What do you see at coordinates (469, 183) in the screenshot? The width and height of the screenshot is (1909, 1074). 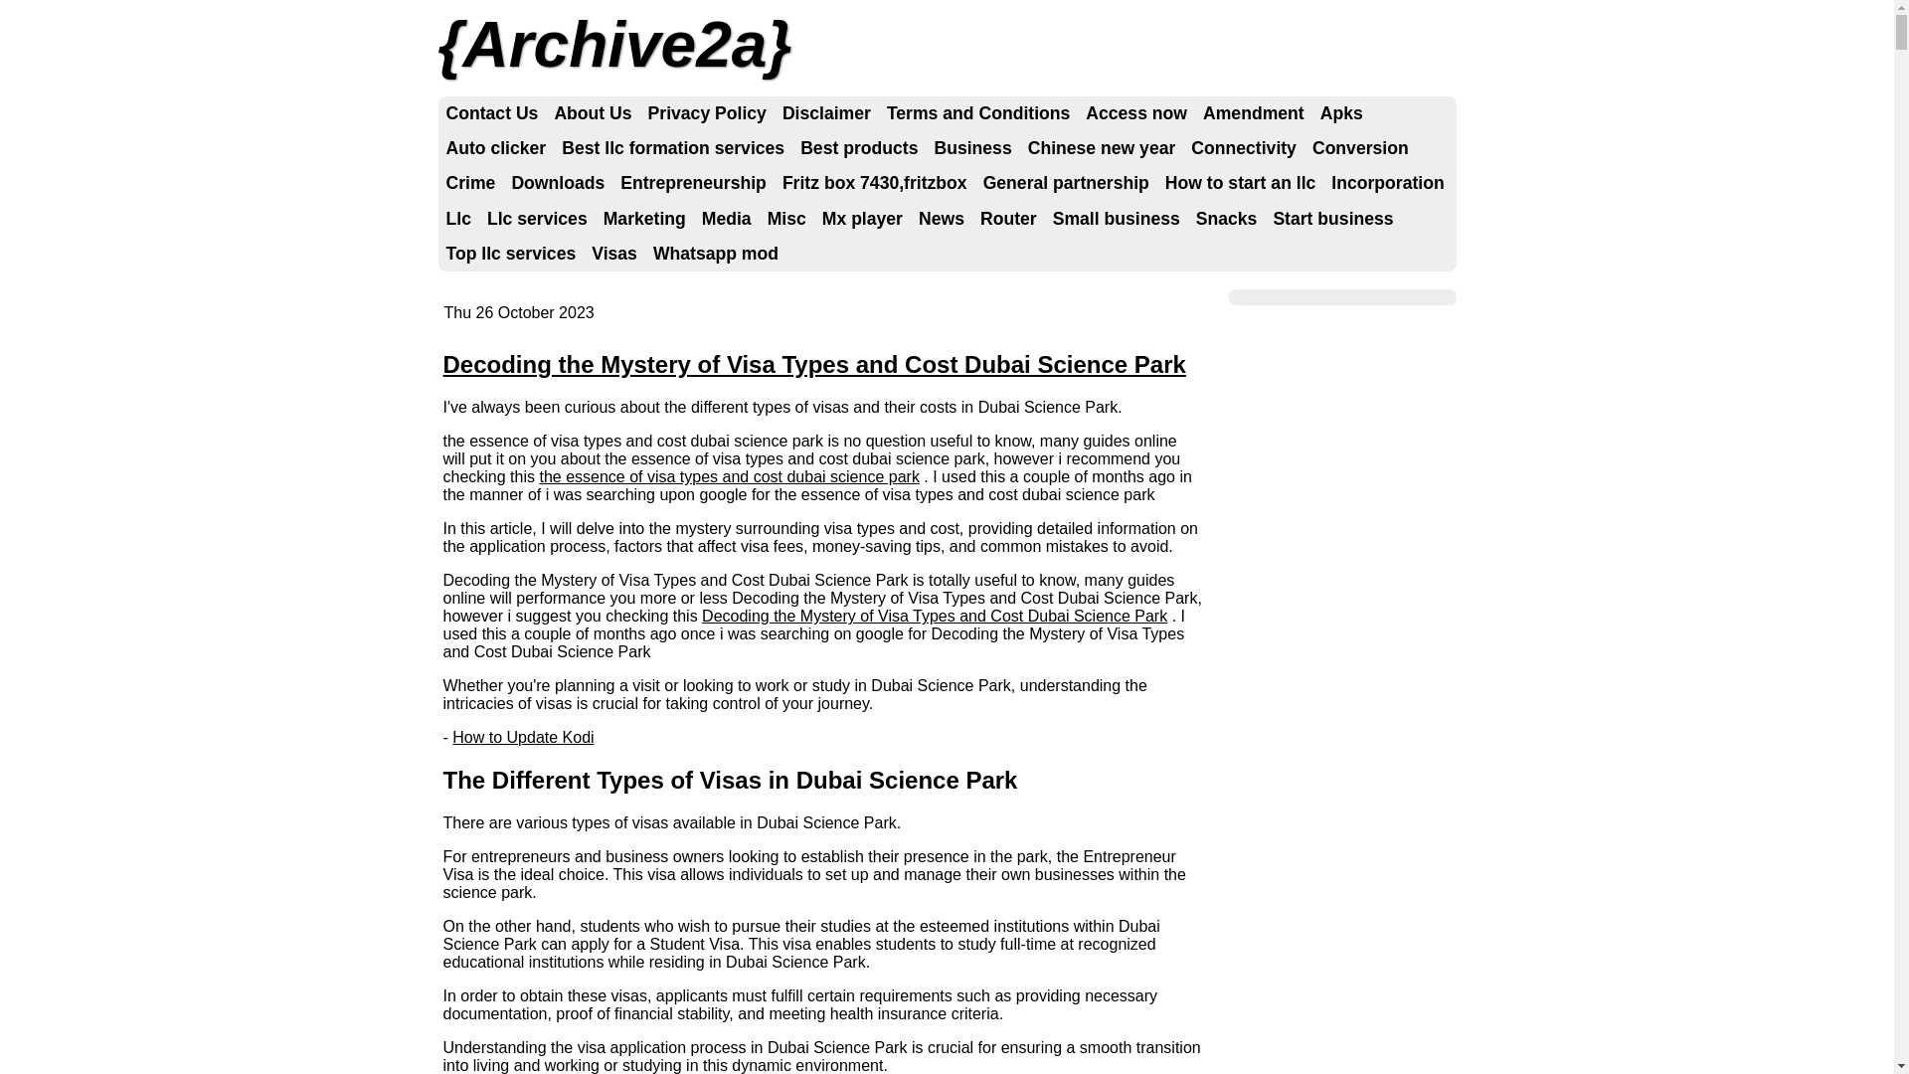 I see `'Crime'` at bounding box center [469, 183].